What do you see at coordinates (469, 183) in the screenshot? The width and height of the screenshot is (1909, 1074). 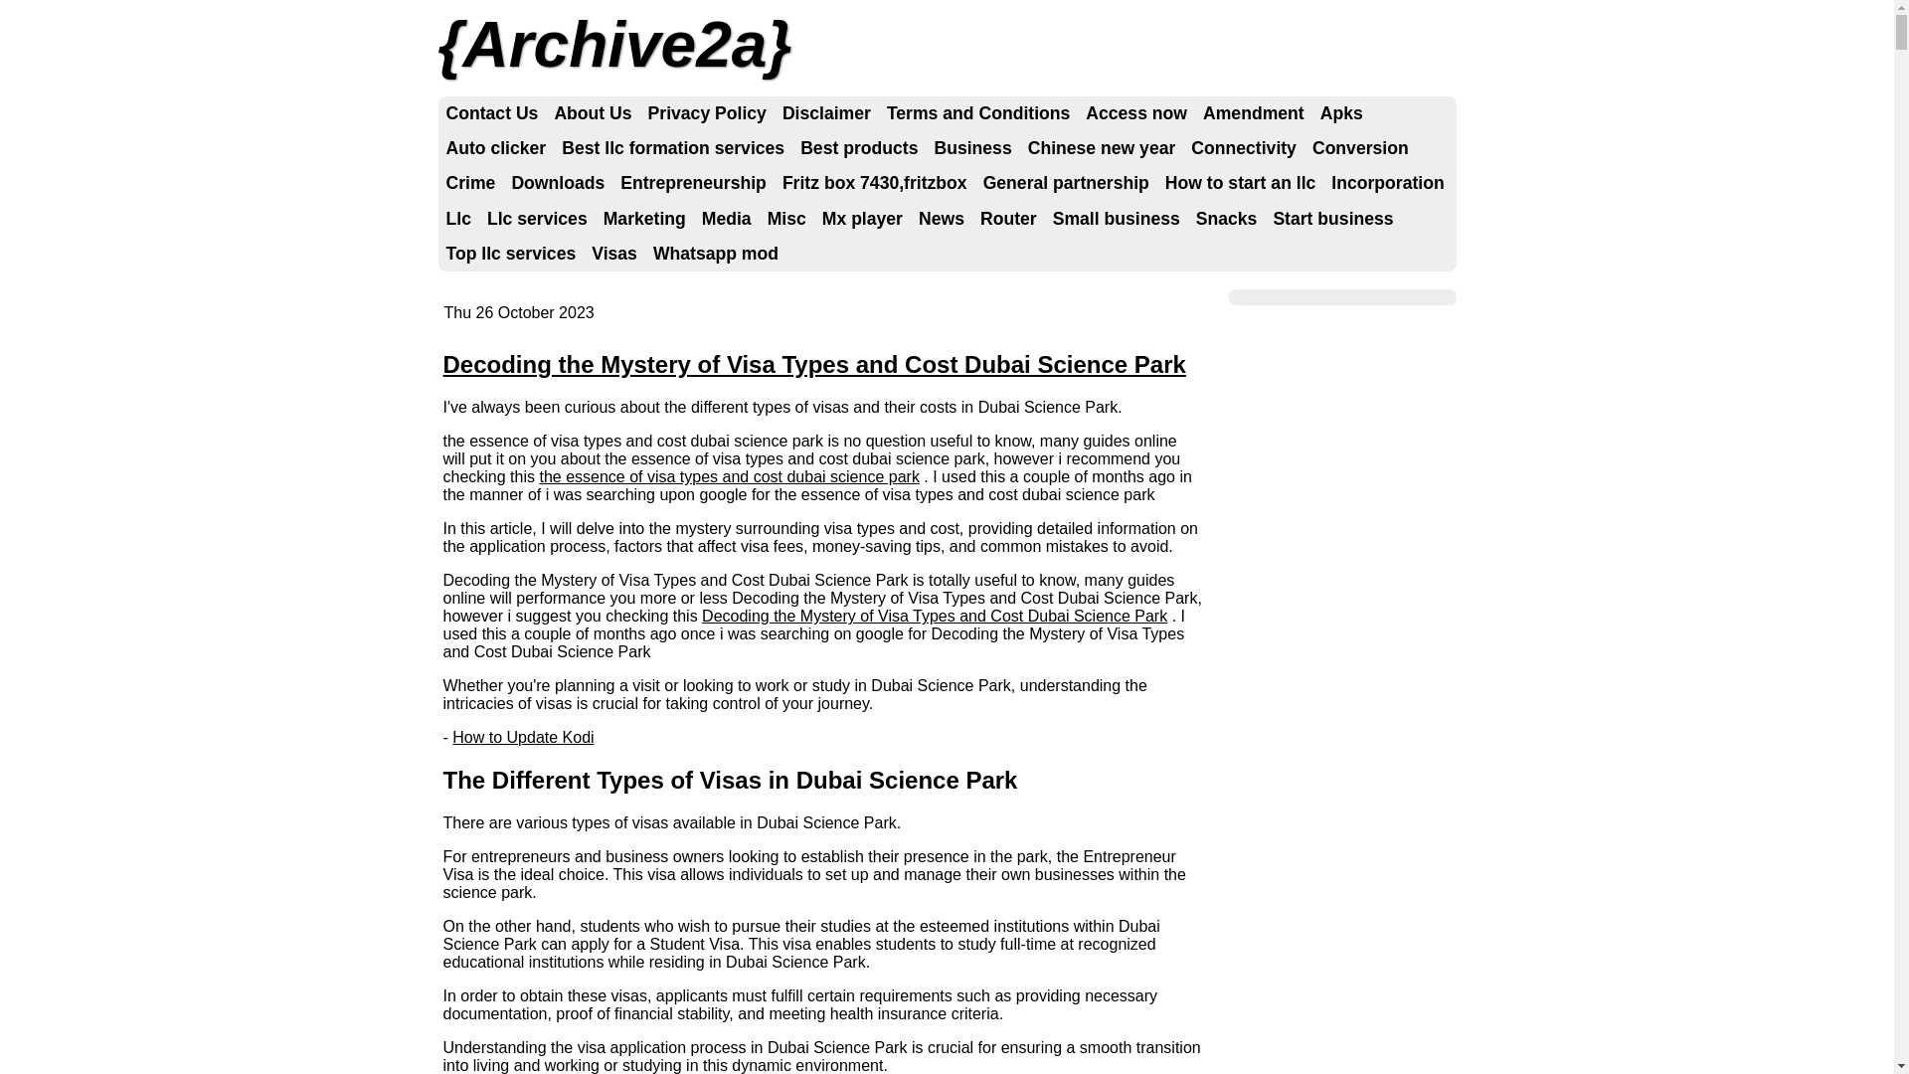 I see `'Crime'` at bounding box center [469, 183].